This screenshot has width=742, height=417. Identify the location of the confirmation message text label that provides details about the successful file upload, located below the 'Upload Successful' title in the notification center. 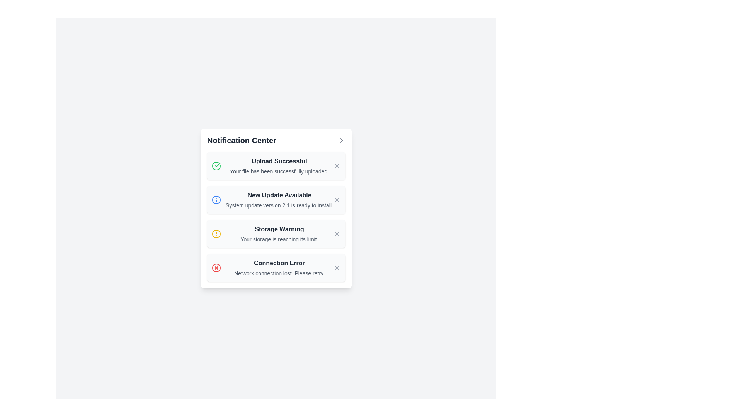
(279, 171).